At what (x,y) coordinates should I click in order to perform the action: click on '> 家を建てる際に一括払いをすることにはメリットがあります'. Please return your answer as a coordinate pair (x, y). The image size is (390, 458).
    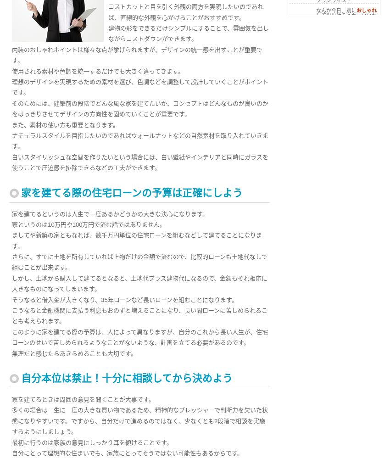
    Looking at the image, I should click on (335, 117).